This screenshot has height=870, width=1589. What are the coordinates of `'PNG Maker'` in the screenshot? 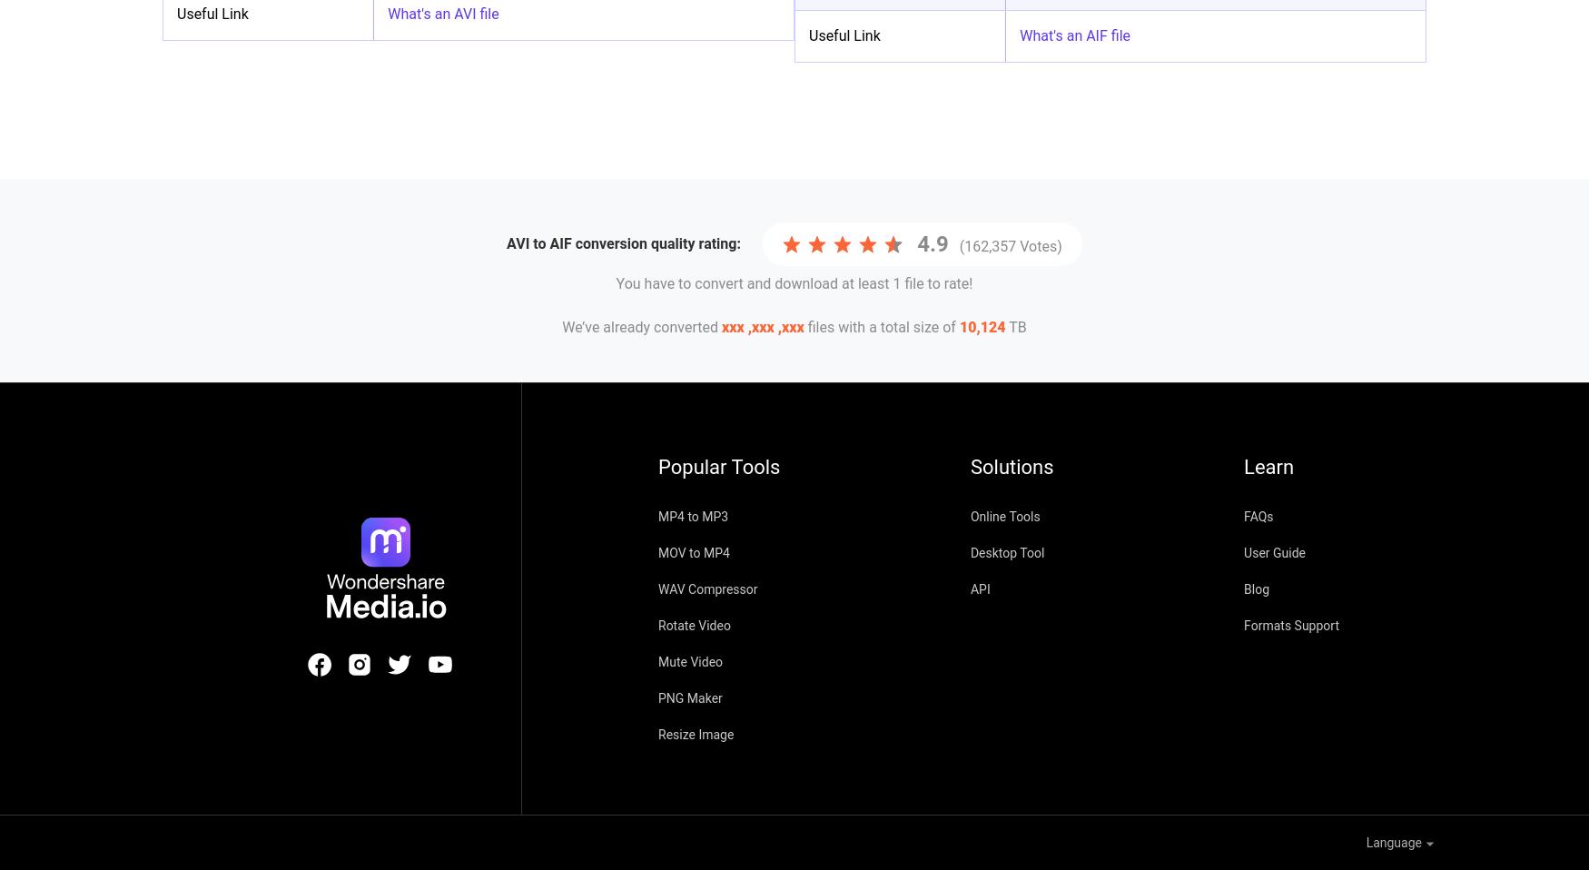 It's located at (689, 697).